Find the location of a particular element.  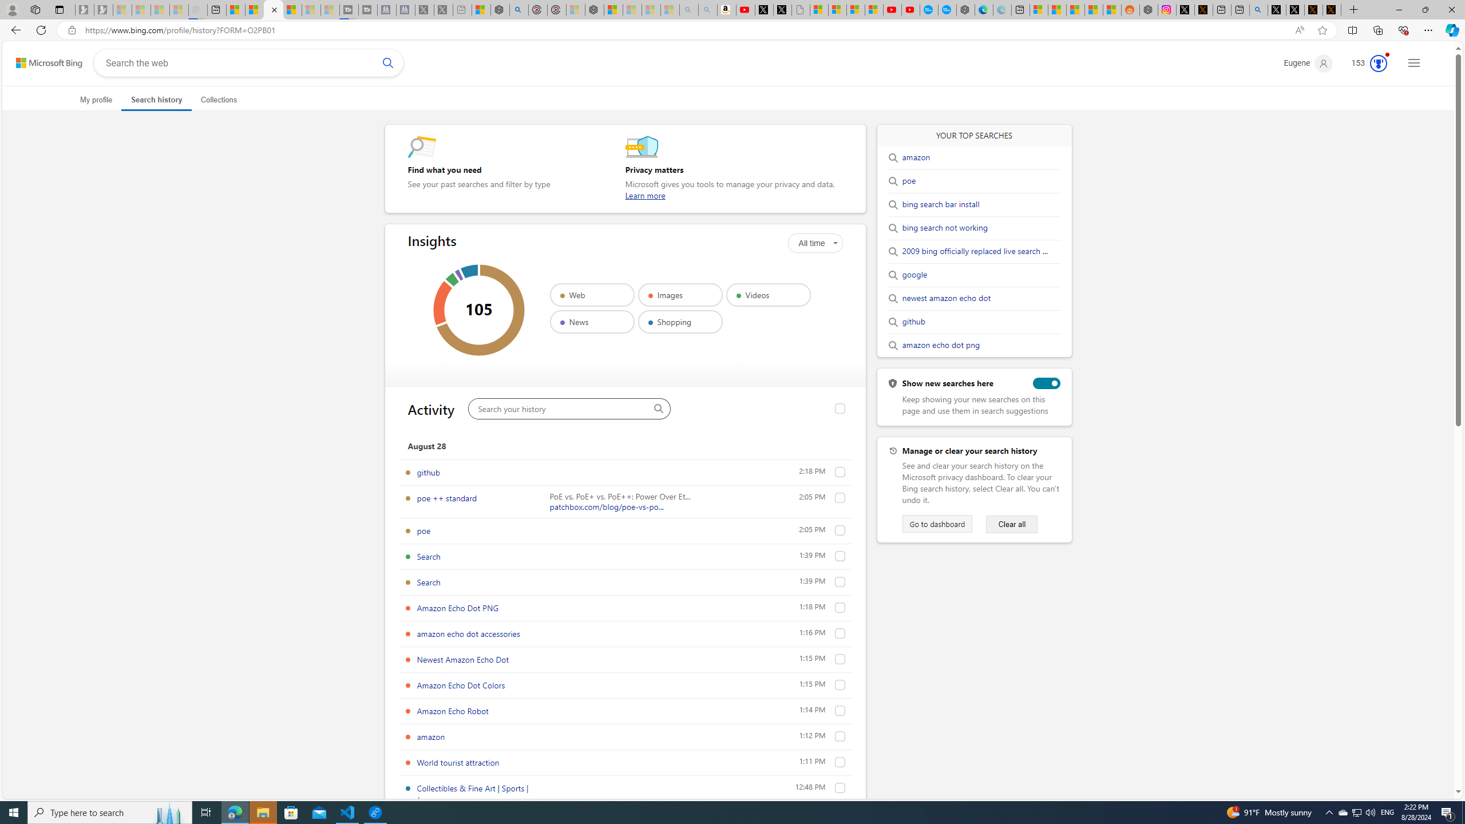

'Go to dashboard' is located at coordinates (937, 524).